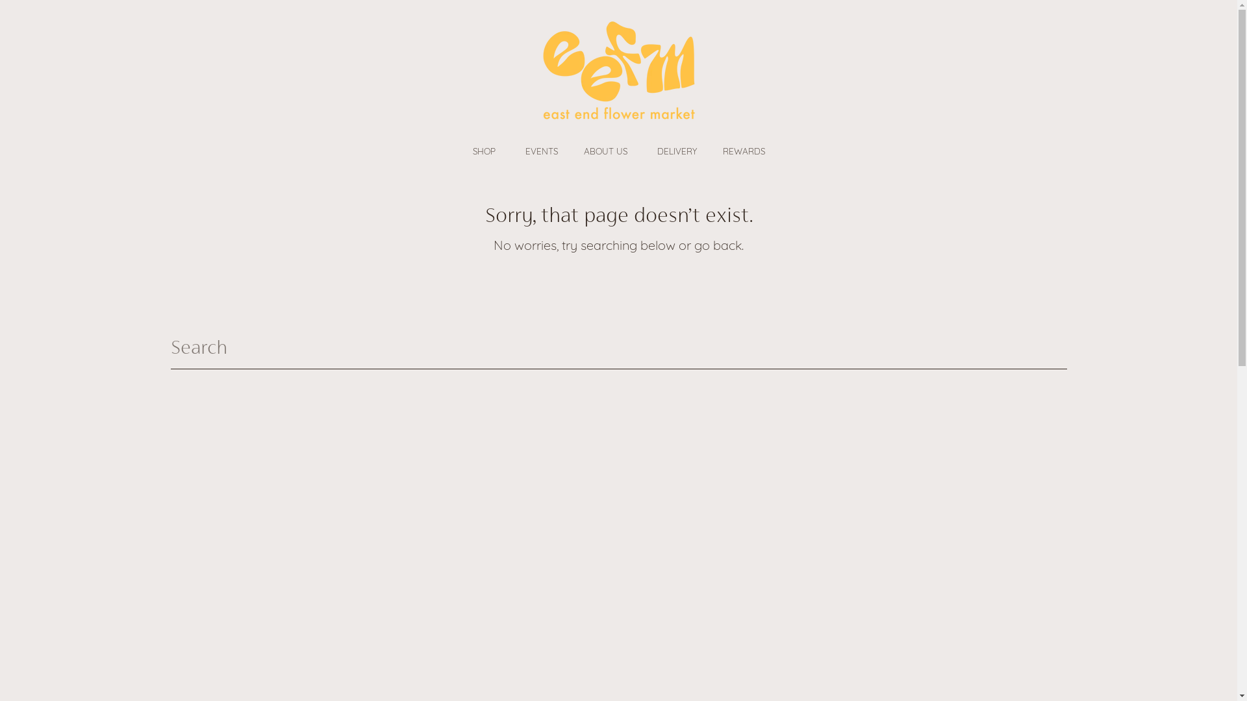 The image size is (1247, 701). I want to click on 'DELIVERY', so click(676, 150).